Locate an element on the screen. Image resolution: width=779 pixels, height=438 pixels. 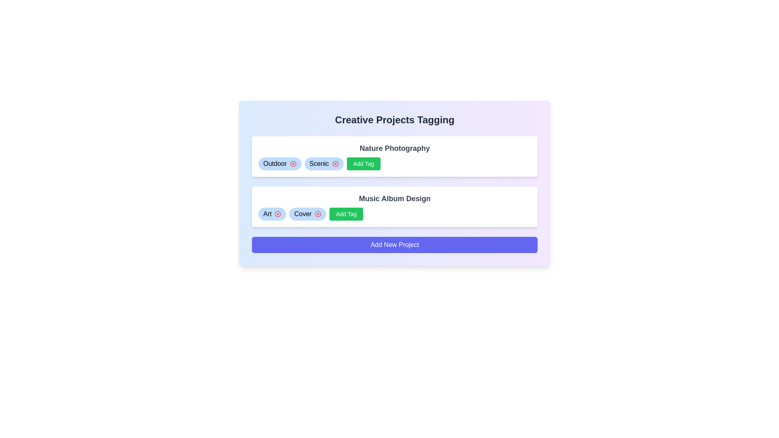
the icon button located to the right of the 'Scenic' tag is located at coordinates (335, 164).